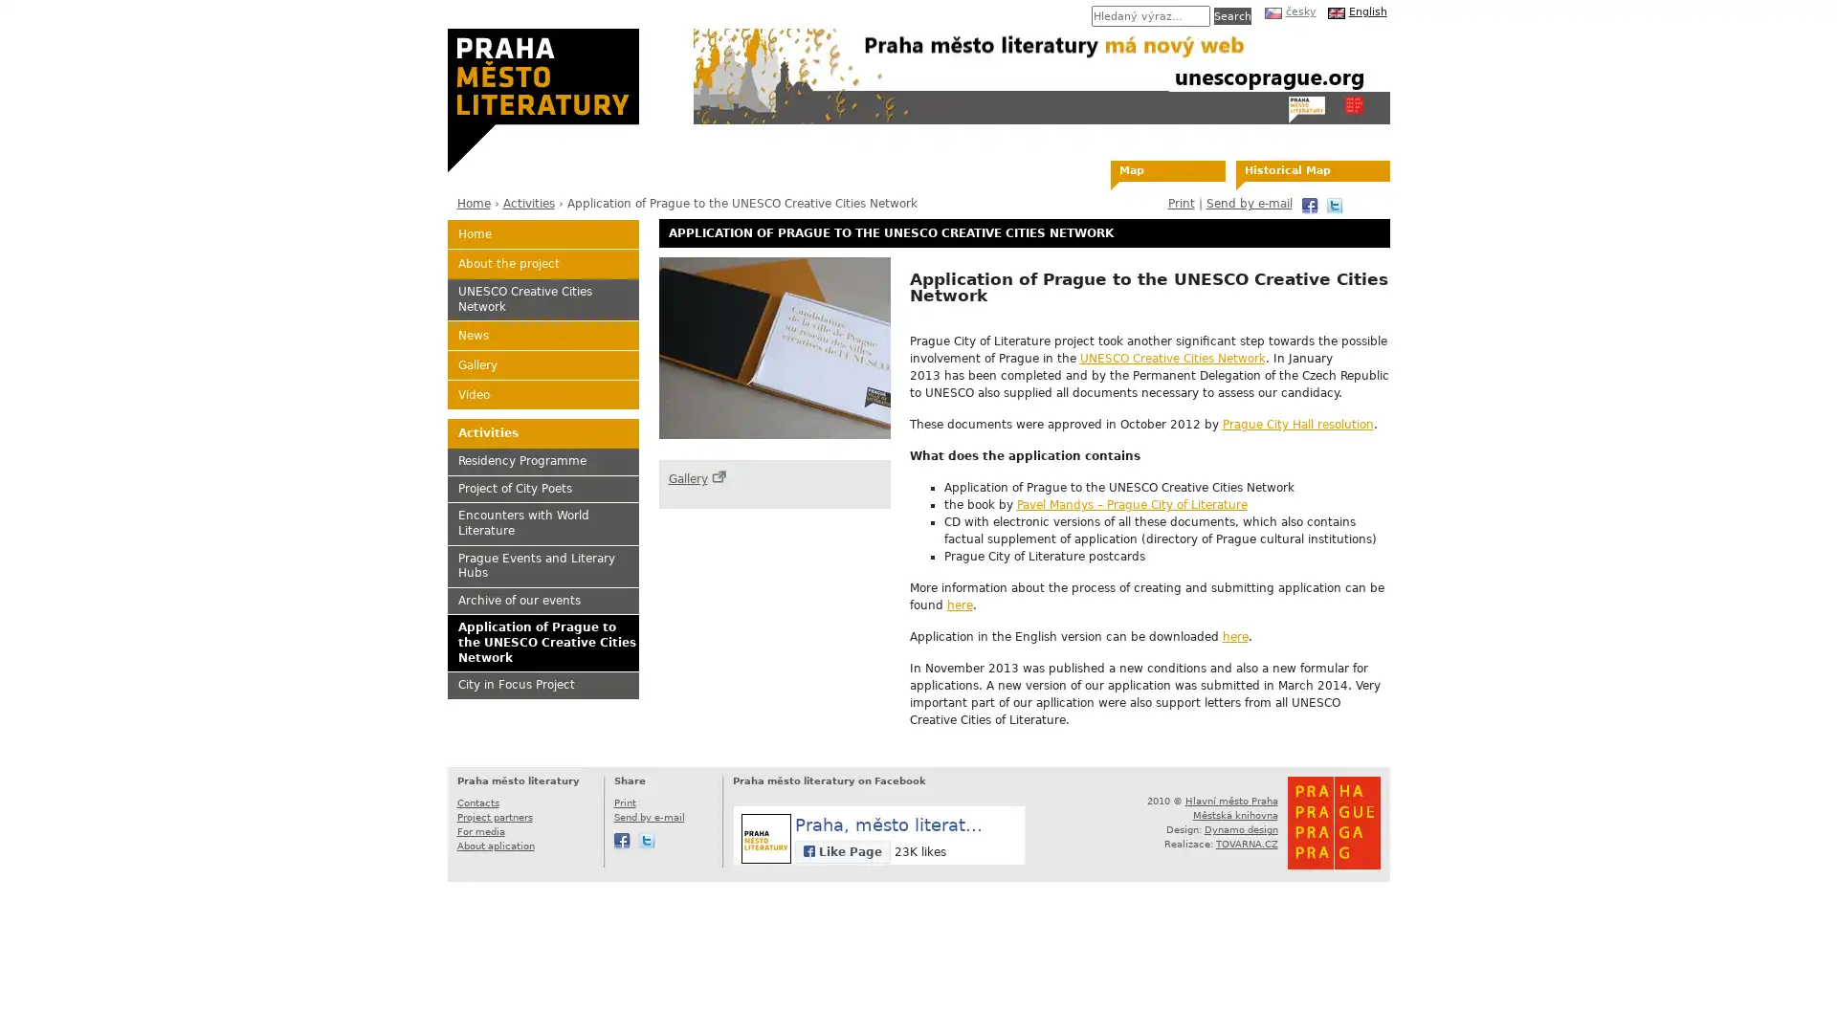 This screenshot has width=1837, height=1033. Describe the element at coordinates (1231, 15) in the screenshot. I see `Search` at that location.